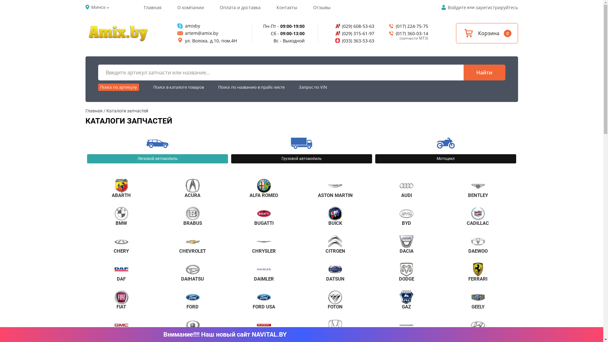 The height and width of the screenshot is (342, 608). I want to click on 'HAVAL', so click(264, 327).